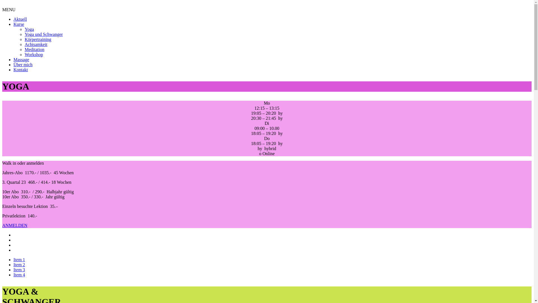 The image size is (538, 303). What do you see at coordinates (19, 269) in the screenshot?
I see `'Item 3'` at bounding box center [19, 269].